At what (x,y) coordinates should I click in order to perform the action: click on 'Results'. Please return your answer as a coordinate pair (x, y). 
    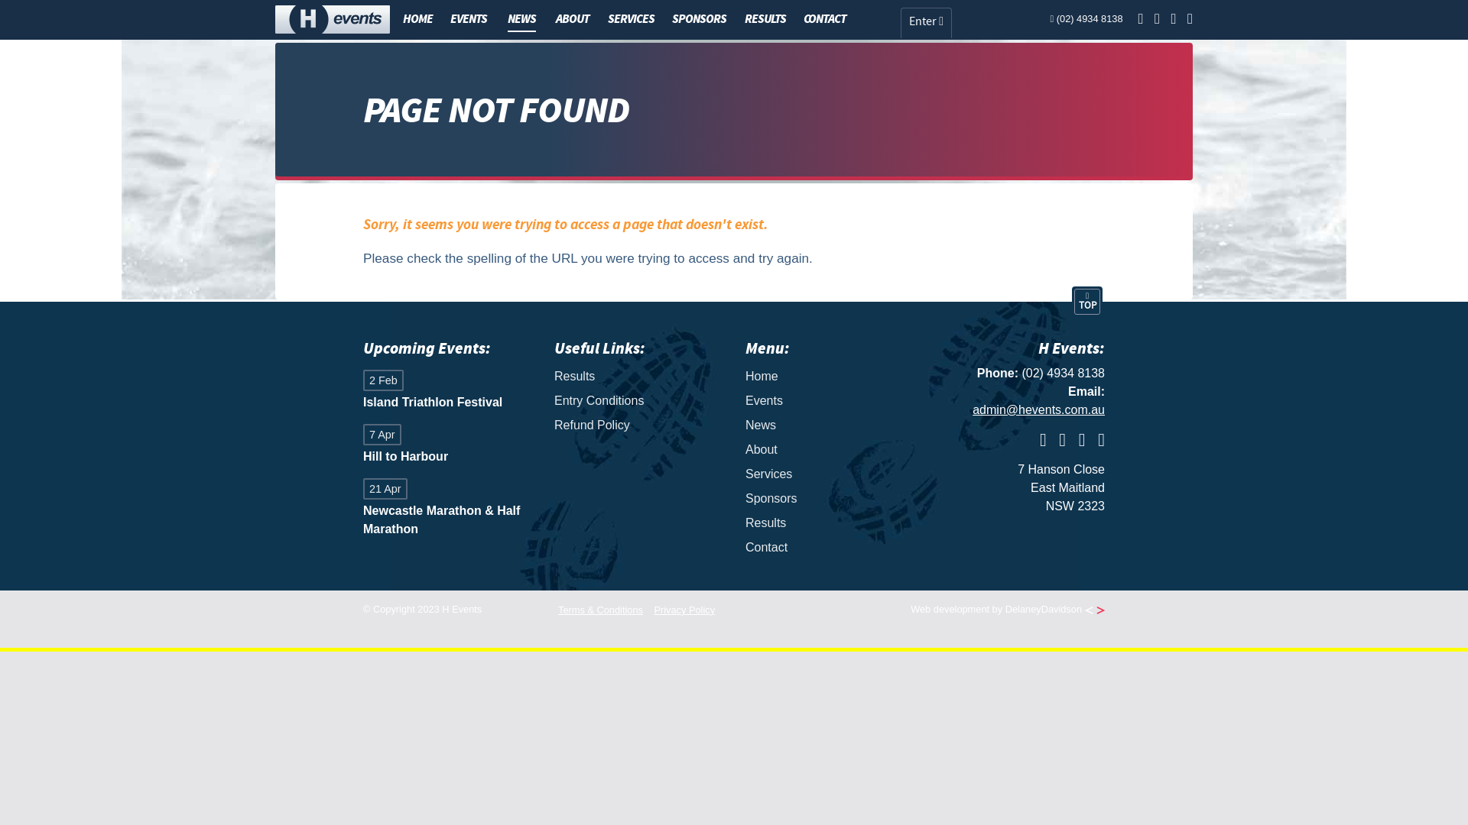
    Looking at the image, I should click on (638, 377).